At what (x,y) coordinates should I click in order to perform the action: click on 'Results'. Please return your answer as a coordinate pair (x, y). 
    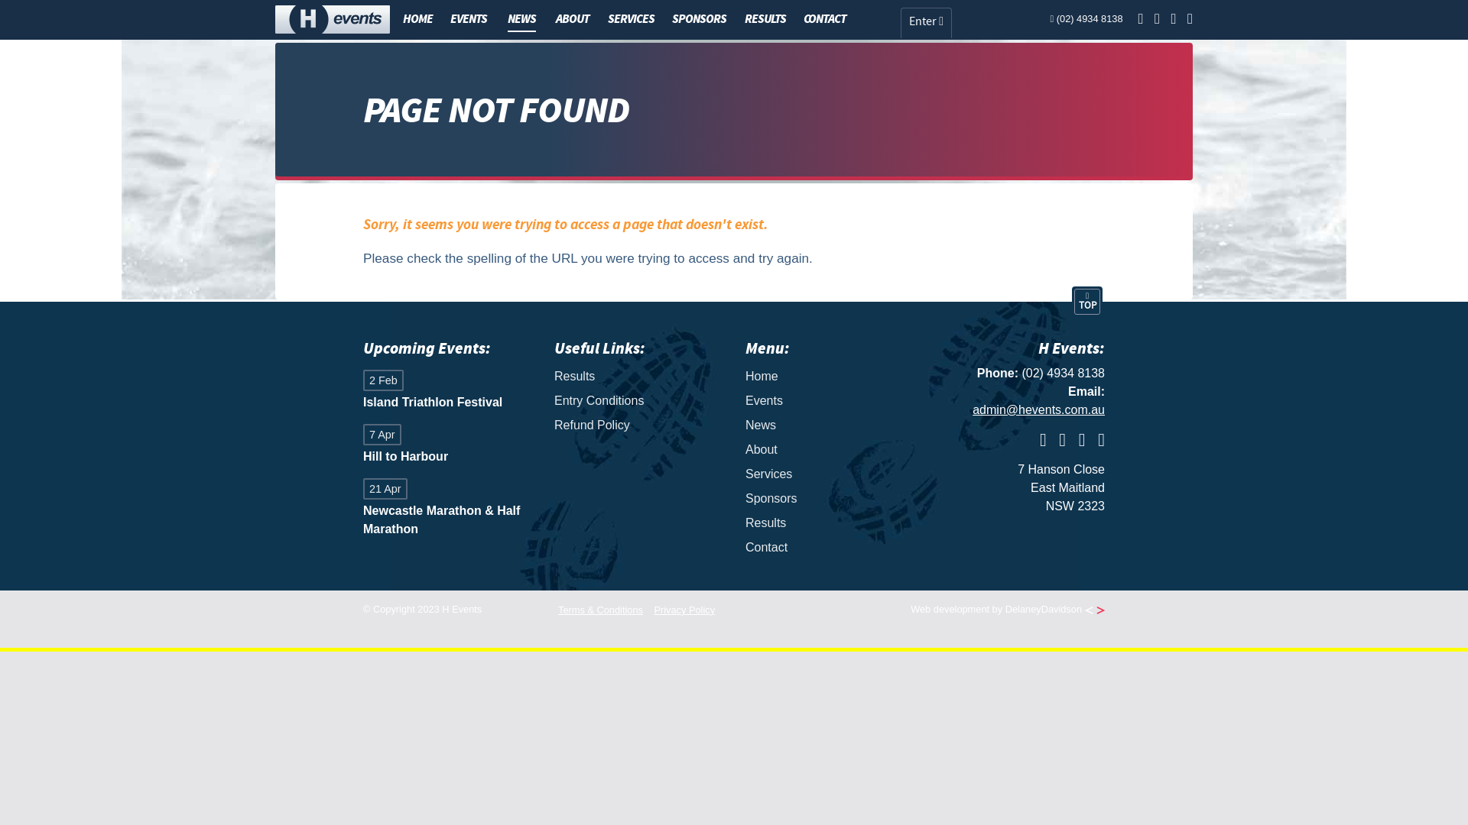
    Looking at the image, I should click on (638, 377).